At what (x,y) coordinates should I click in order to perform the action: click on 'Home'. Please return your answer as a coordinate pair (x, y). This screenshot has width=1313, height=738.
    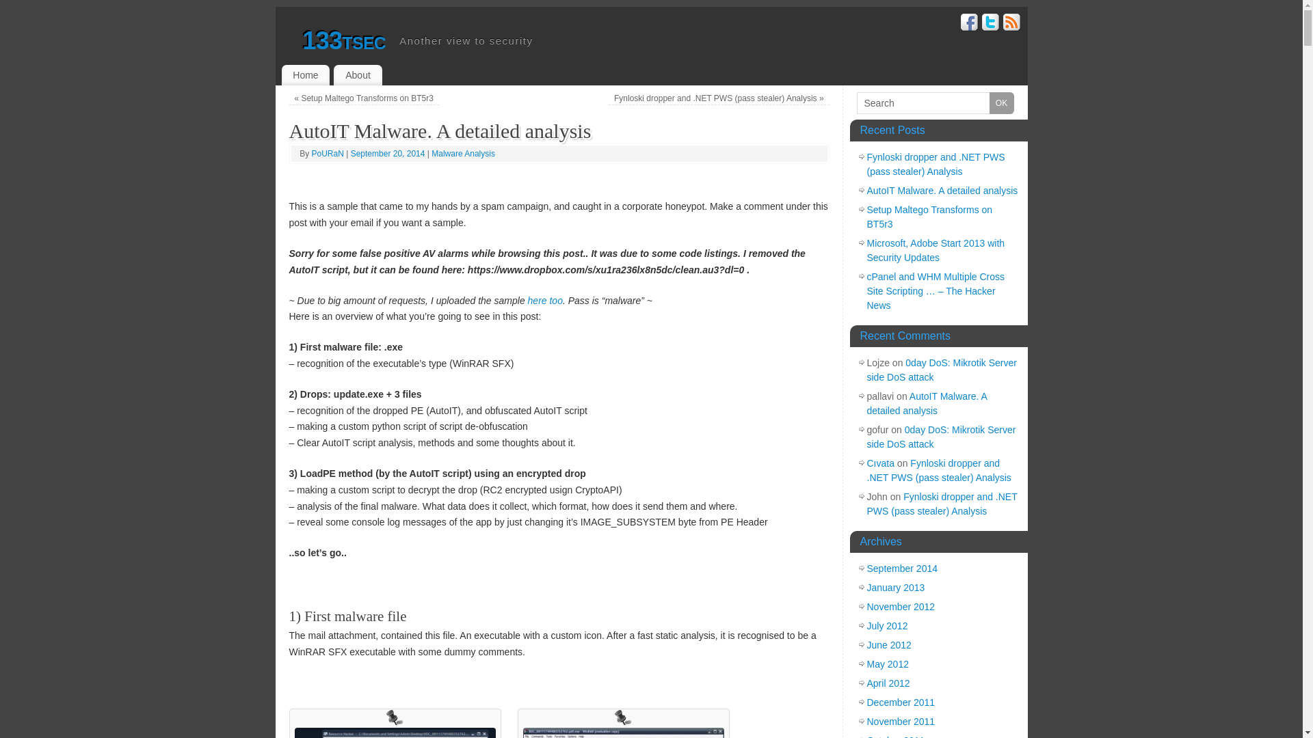
    Looking at the image, I should click on (305, 75).